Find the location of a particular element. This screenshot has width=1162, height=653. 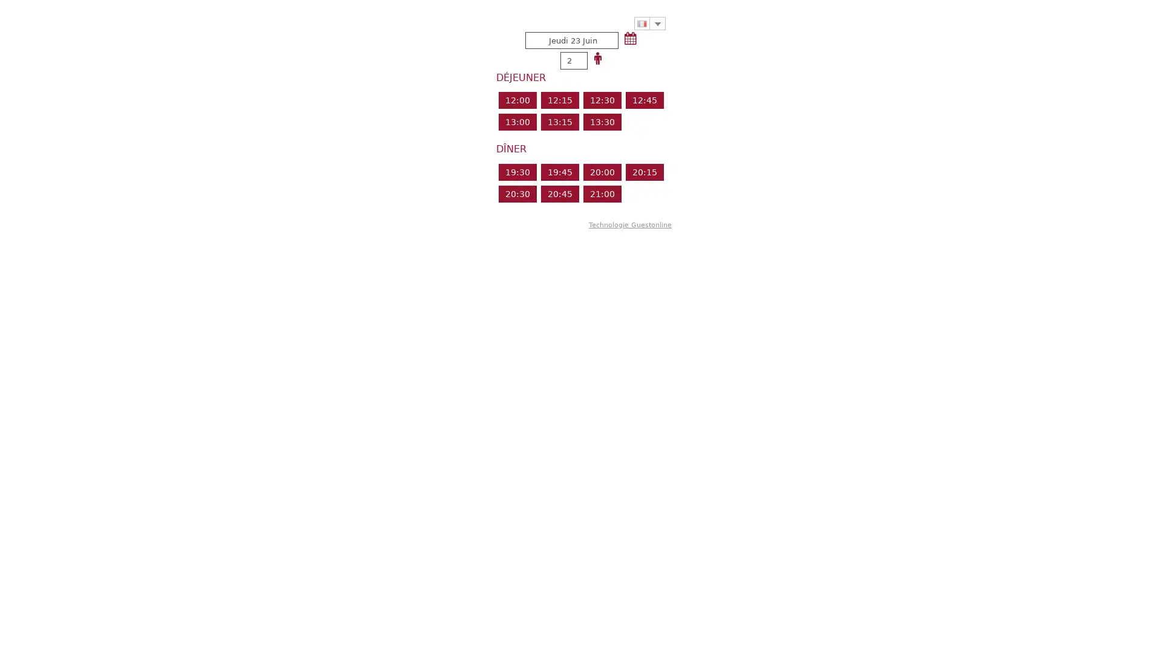

19:30 is located at coordinates (517, 172).